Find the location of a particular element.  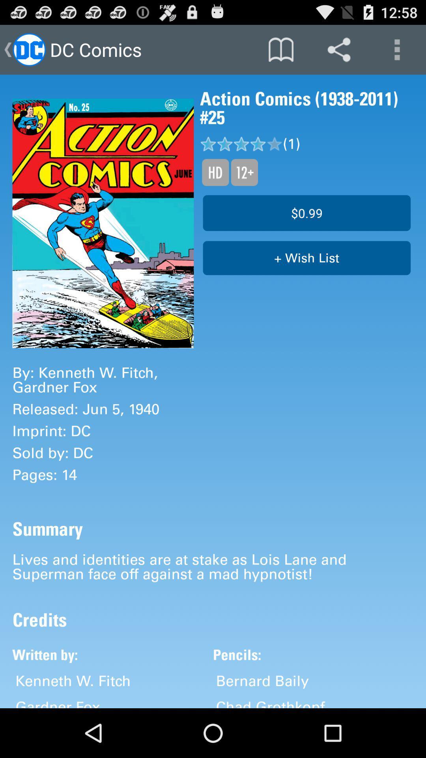

the + wish list item is located at coordinates (306, 258).